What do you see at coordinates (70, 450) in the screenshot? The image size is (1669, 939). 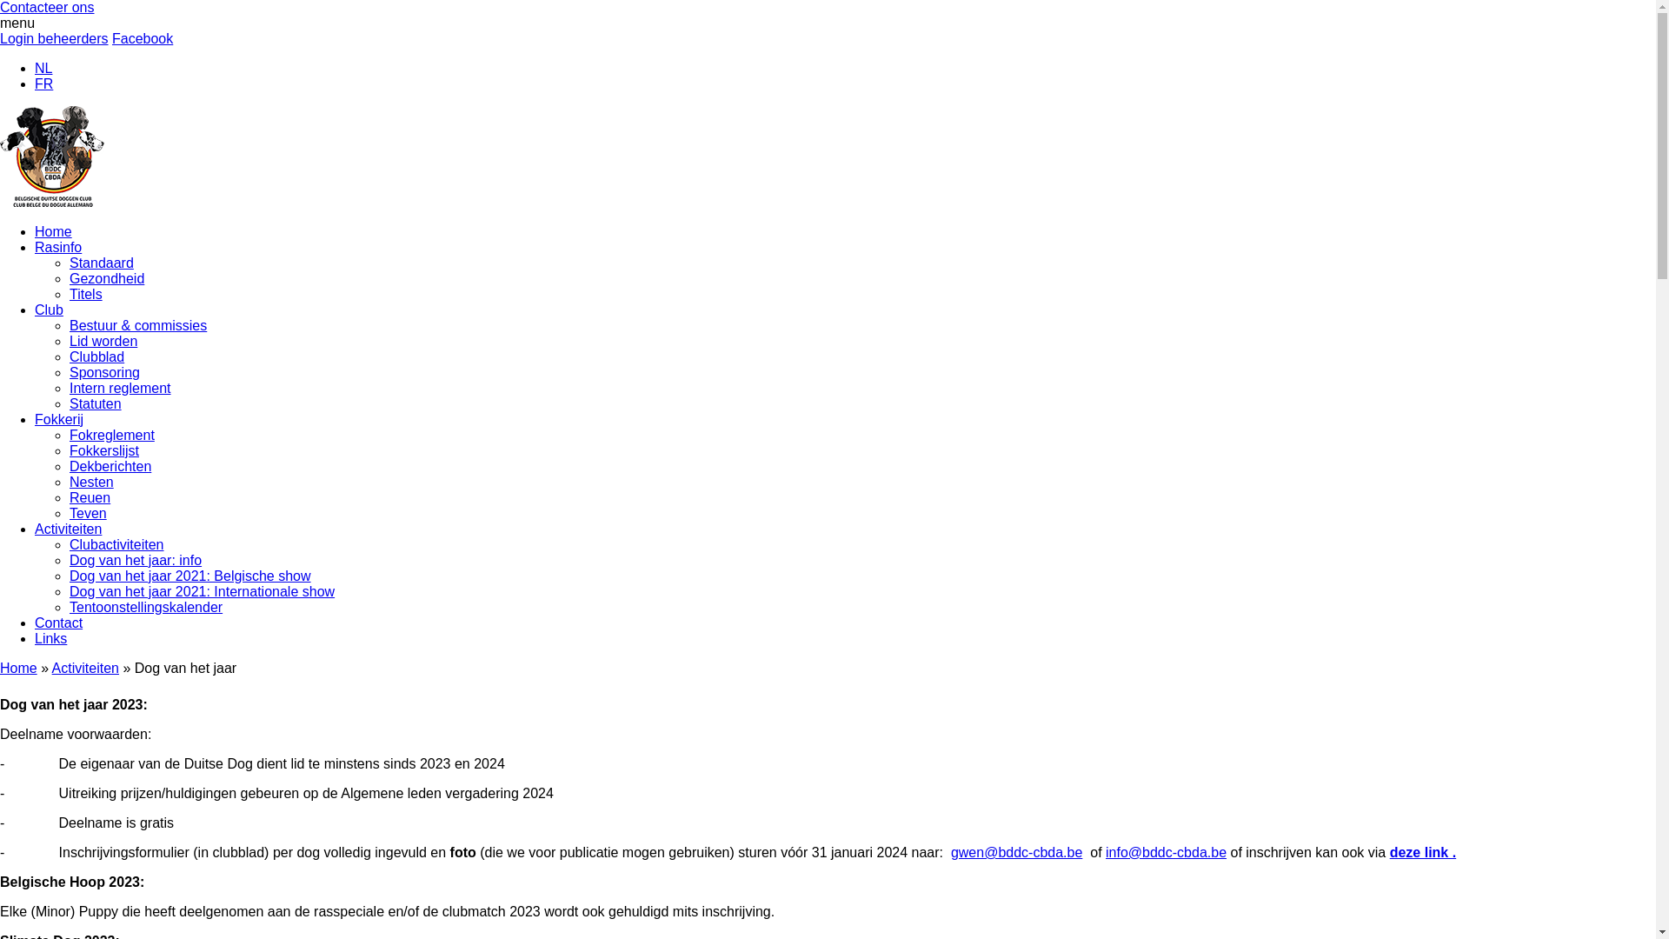 I see `'Fokkerslijst'` at bounding box center [70, 450].